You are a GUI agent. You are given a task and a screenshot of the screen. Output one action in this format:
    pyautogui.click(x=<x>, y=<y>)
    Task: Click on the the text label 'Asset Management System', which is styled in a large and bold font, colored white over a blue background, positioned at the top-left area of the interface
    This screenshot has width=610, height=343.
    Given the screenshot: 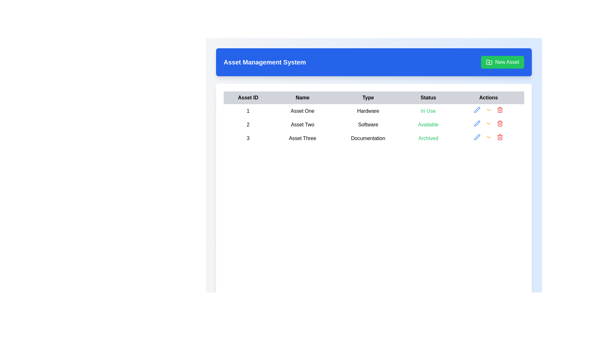 What is the action you would take?
    pyautogui.click(x=265, y=62)
    